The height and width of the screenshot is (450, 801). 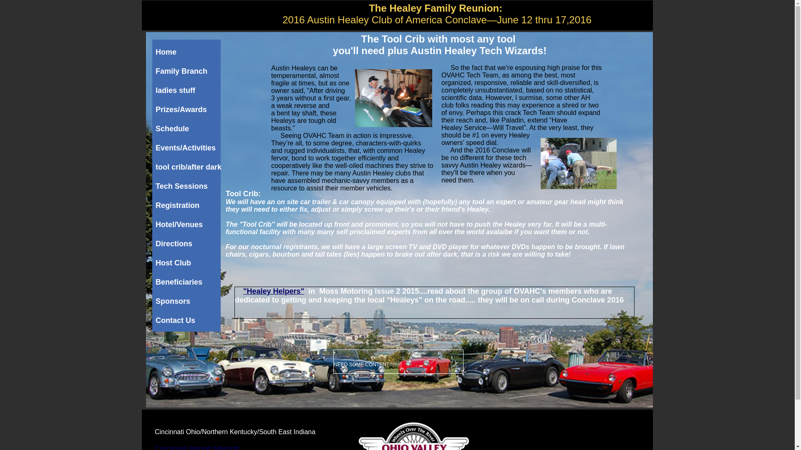 What do you see at coordinates (188, 129) in the screenshot?
I see `'Schedule'` at bounding box center [188, 129].